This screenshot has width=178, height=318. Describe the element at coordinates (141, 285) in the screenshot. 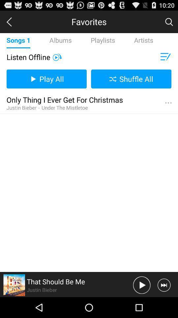

I see `pass botten` at that location.